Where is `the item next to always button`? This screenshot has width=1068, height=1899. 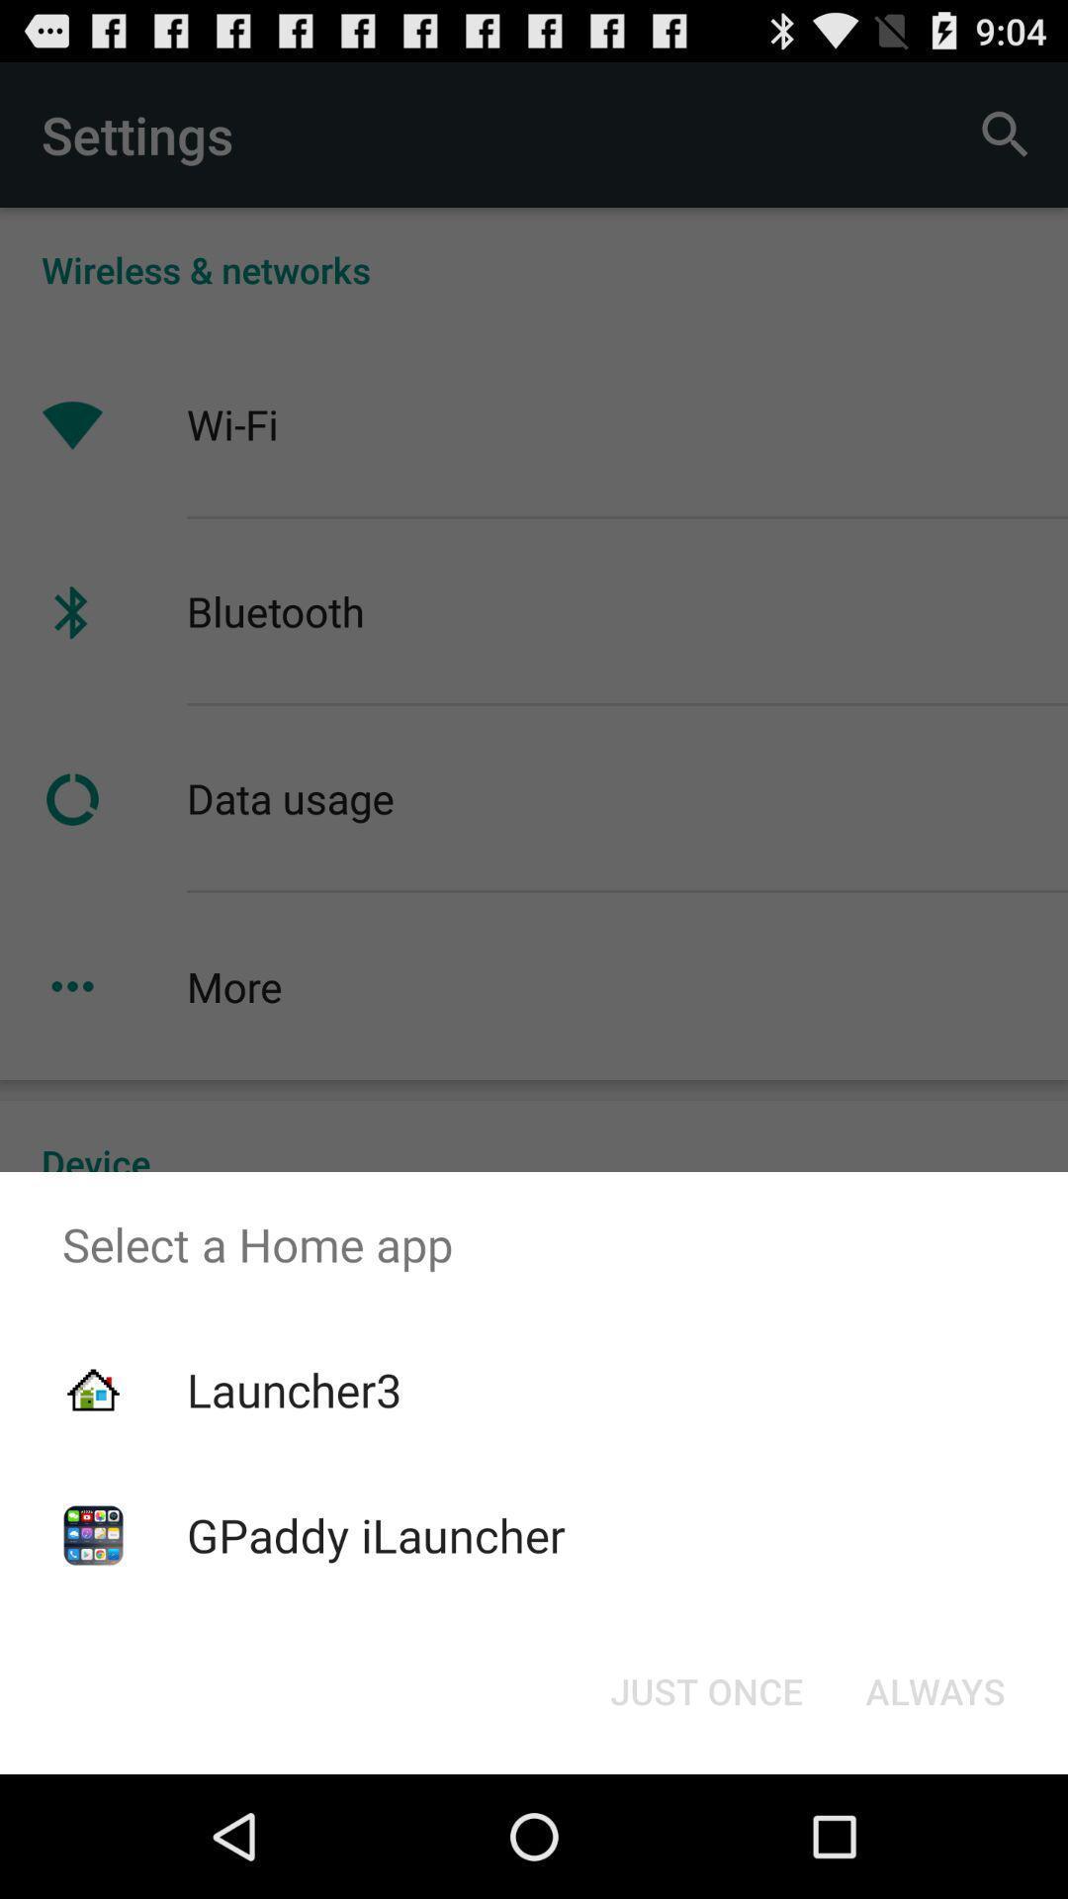 the item next to always button is located at coordinates (705, 1689).